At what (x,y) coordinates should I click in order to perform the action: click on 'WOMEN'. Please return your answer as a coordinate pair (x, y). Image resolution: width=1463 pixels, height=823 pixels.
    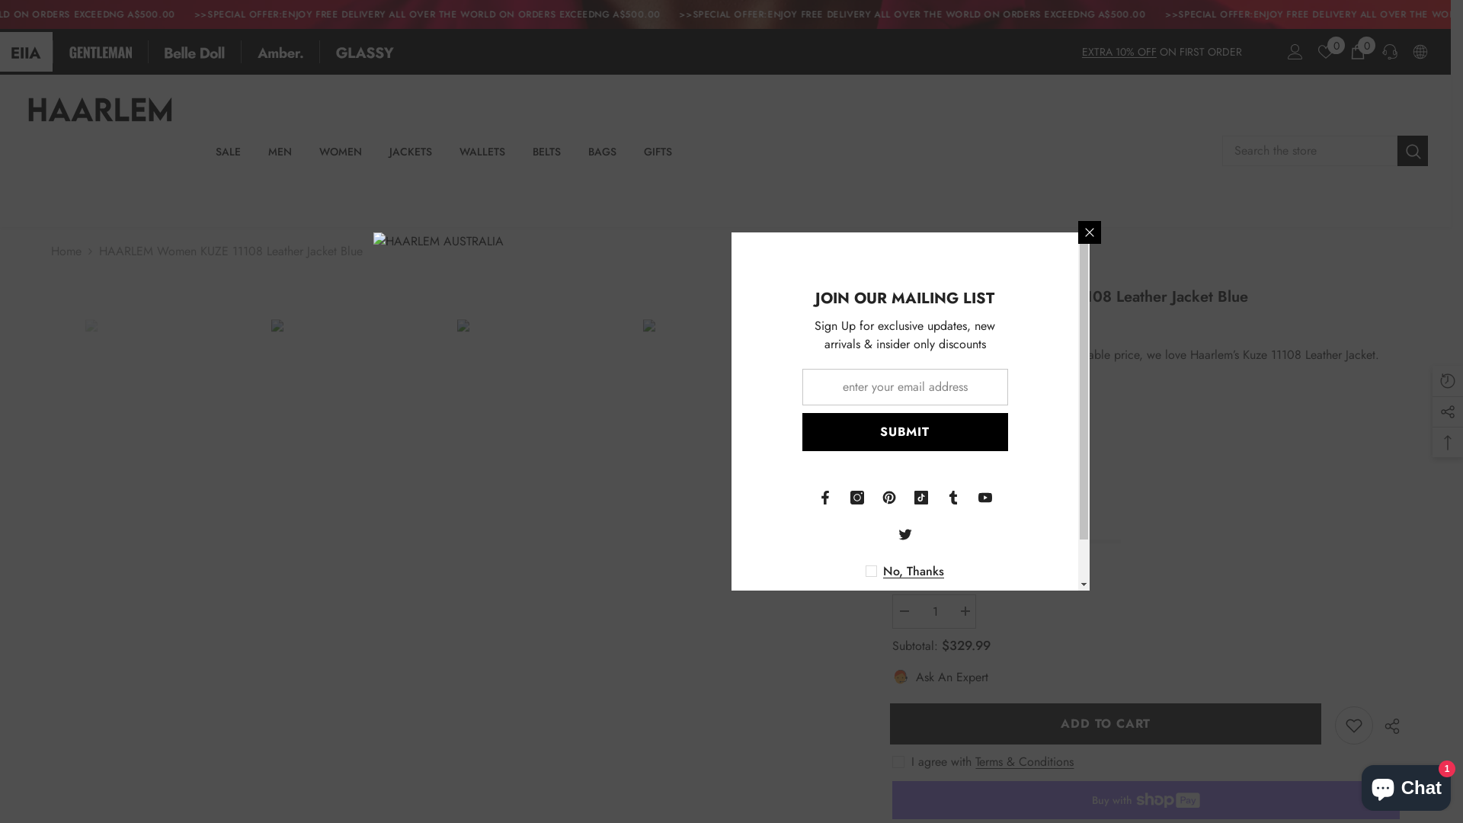
    Looking at the image, I should click on (305, 158).